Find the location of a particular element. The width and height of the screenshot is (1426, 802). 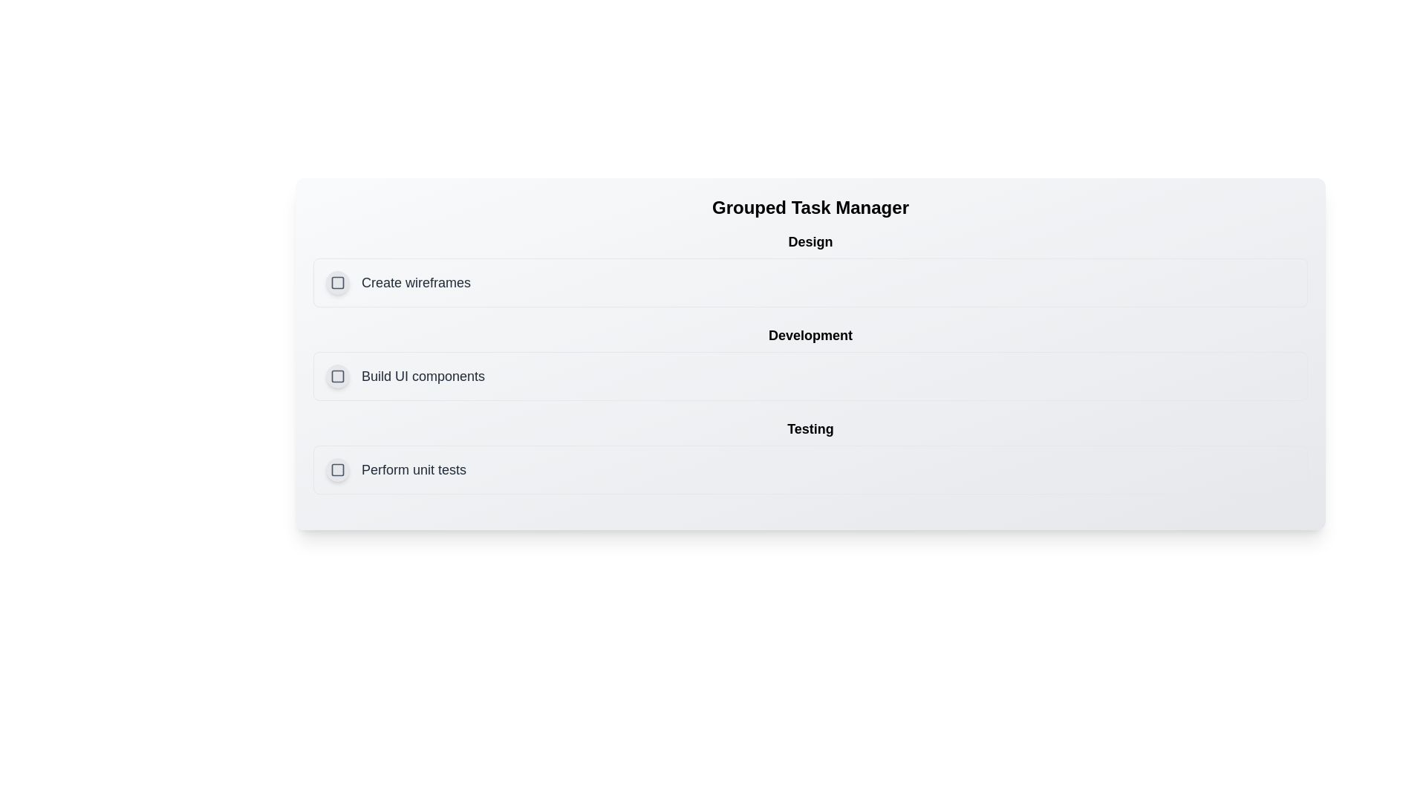

the checkbox labeled 'Create wireframes' is located at coordinates (398, 283).